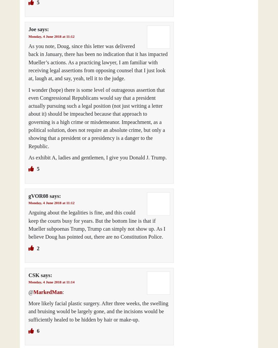 The width and height of the screenshot is (278, 348). What do you see at coordinates (98, 62) in the screenshot?
I see `'As you note, Doug, since this letter was delivered back in January, there has been no indication that it has impacted Mueller’s actions.  As a practicing lawyer, I am familiar with receiving legal assertions from opposing counsel that I just look at, laugh at, and say, yeah, tell it to the judge.'` at bounding box center [98, 62].